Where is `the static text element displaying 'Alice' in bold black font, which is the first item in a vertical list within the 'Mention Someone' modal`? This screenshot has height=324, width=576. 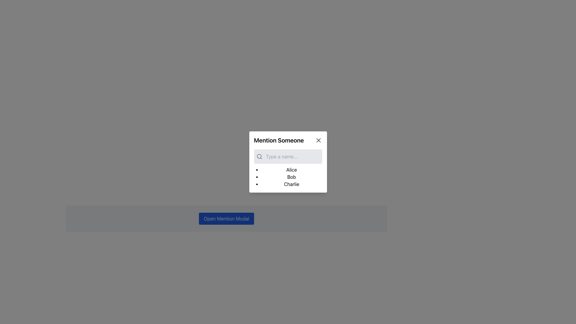
the static text element displaying 'Alice' in bold black font, which is the first item in a vertical list within the 'Mention Someone' modal is located at coordinates (291, 170).